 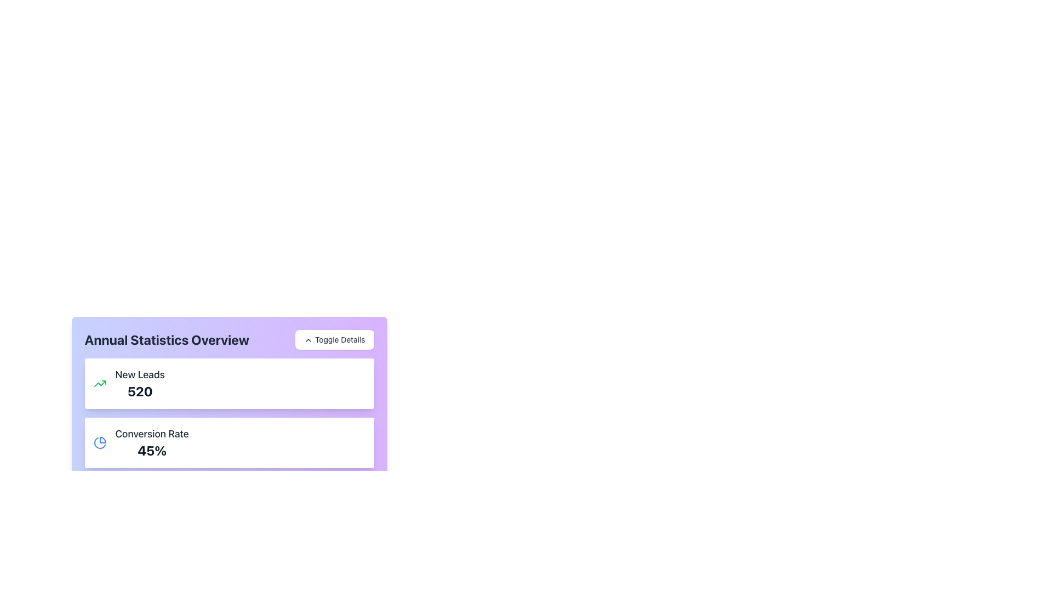 What do you see at coordinates (151, 433) in the screenshot?
I see `the 'Conversion Rate' text label, which is styled with a large and medium-weight font and positioned to the left of a percentage value in the 'Annual Statistics Overview' panel` at bounding box center [151, 433].